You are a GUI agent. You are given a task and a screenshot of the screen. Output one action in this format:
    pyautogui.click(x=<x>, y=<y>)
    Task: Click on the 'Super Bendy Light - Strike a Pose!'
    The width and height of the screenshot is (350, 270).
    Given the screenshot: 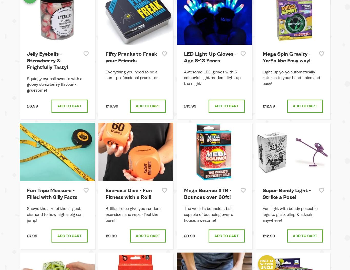 What is the action you would take?
    pyautogui.click(x=286, y=194)
    